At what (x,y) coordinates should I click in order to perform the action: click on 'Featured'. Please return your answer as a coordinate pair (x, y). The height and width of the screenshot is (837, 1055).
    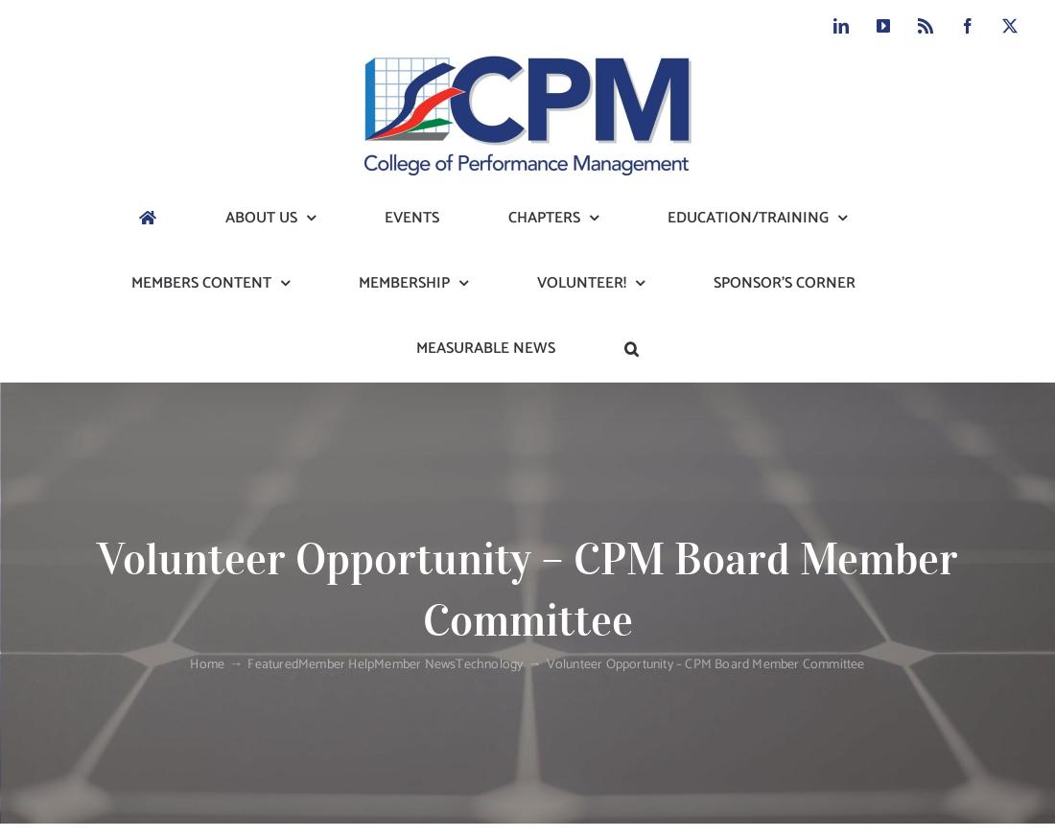
    Looking at the image, I should click on (271, 663).